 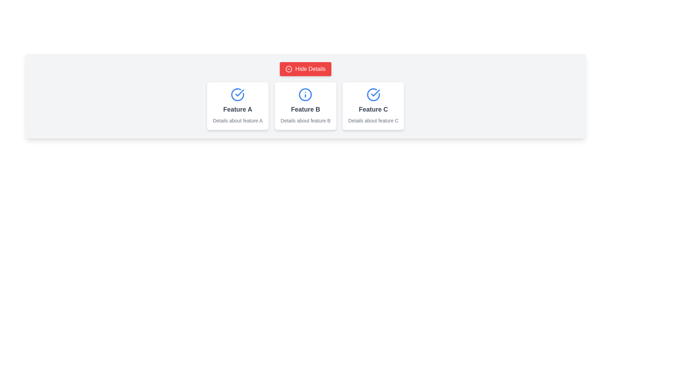 What do you see at coordinates (373, 95) in the screenshot?
I see `the icon indicating the successful completion of 'Feature C', located at the top of the 'Feature C' card` at bounding box center [373, 95].